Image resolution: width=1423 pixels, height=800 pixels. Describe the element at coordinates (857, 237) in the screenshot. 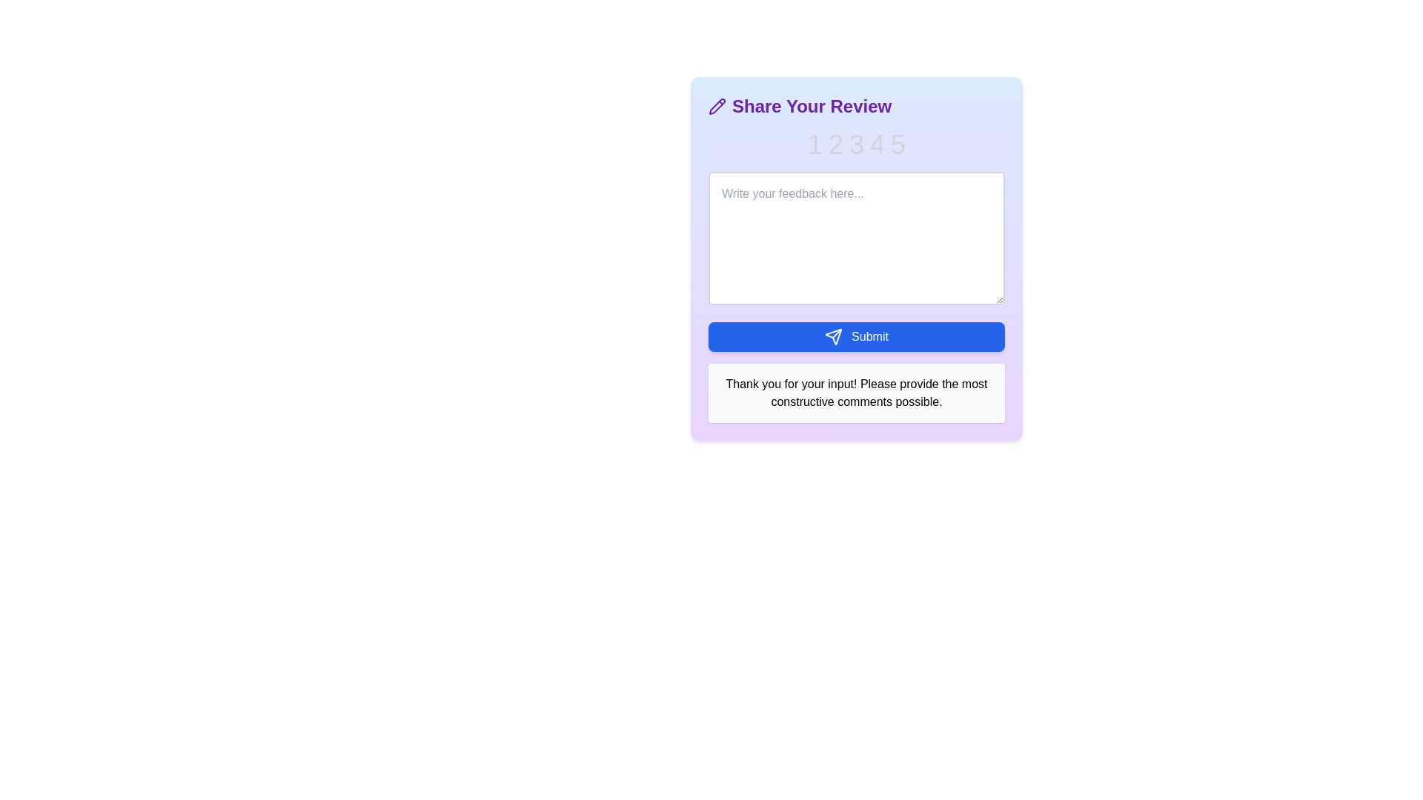

I see `the feedback textarea and input the text 'This is my feedback.'` at that location.